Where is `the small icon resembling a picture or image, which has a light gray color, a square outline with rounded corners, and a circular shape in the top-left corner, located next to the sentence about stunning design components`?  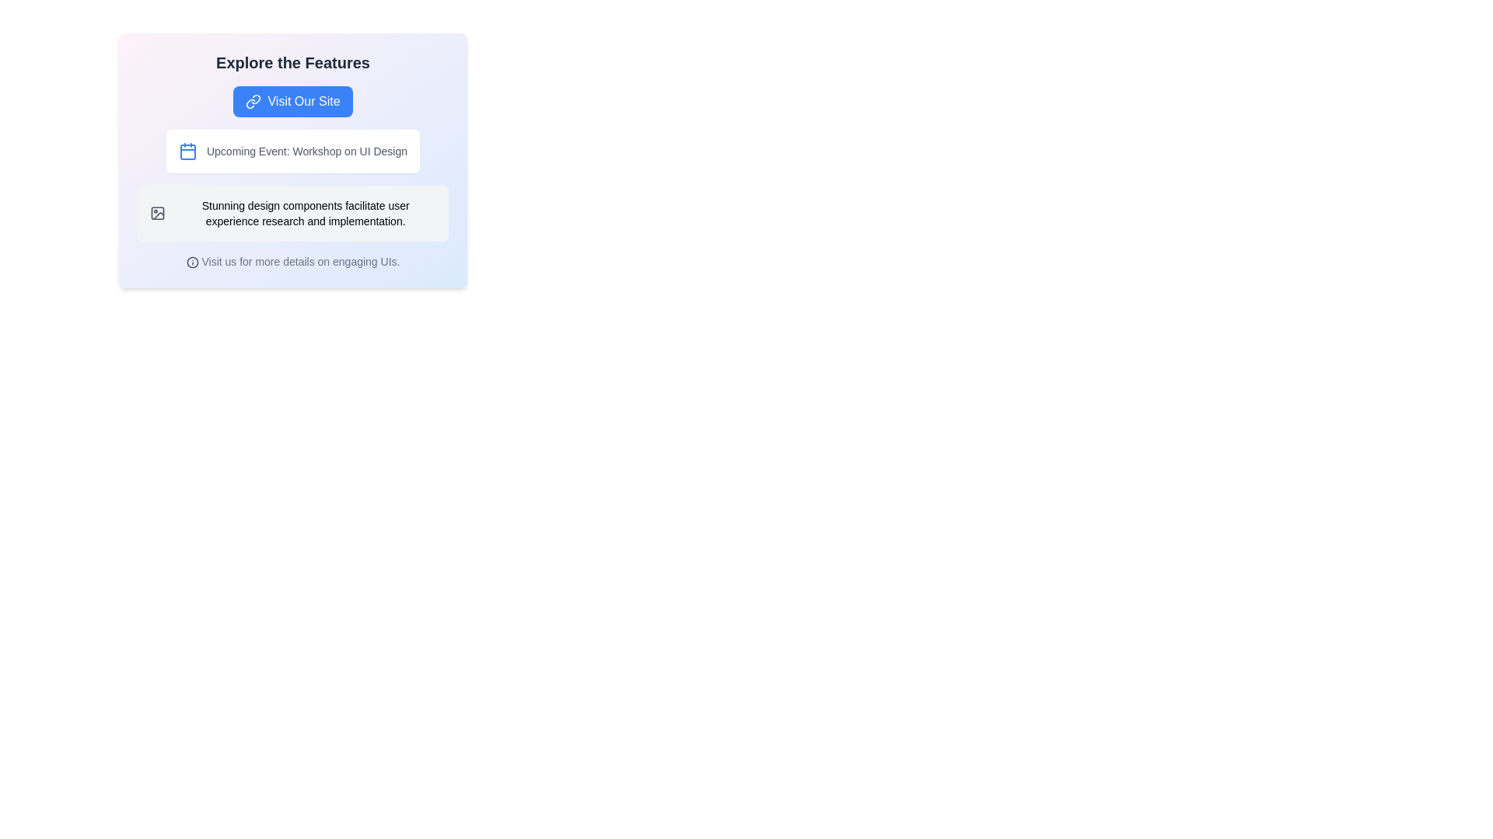
the small icon resembling a picture or image, which has a light gray color, a square outline with rounded corners, and a circular shape in the top-left corner, located next to the sentence about stunning design components is located at coordinates (158, 213).